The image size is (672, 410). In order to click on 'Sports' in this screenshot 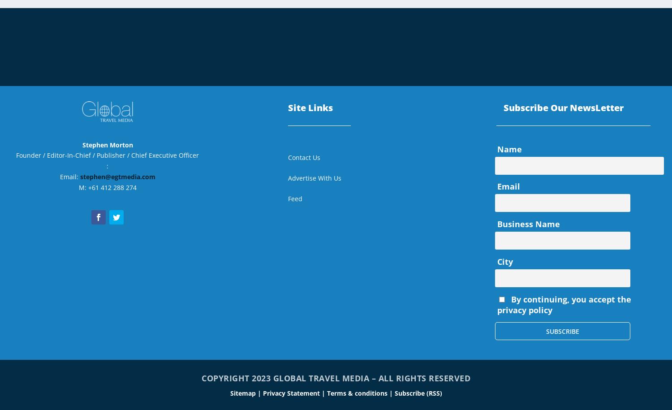, I will do `click(497, 30)`.